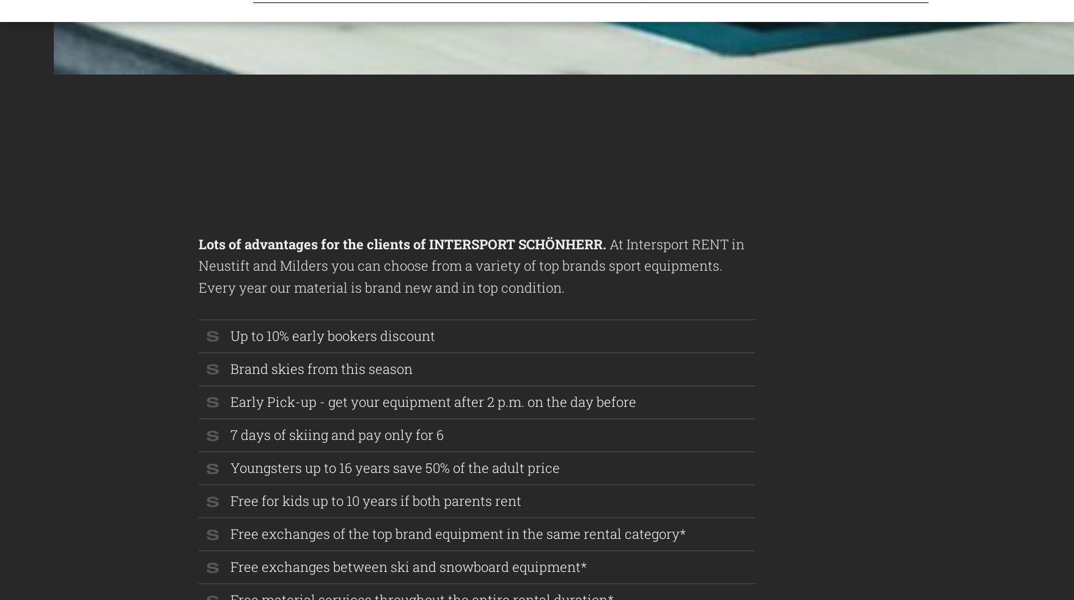 The image size is (1074, 600). Describe the element at coordinates (322, 368) in the screenshot. I see `'Brand skies from this season'` at that location.